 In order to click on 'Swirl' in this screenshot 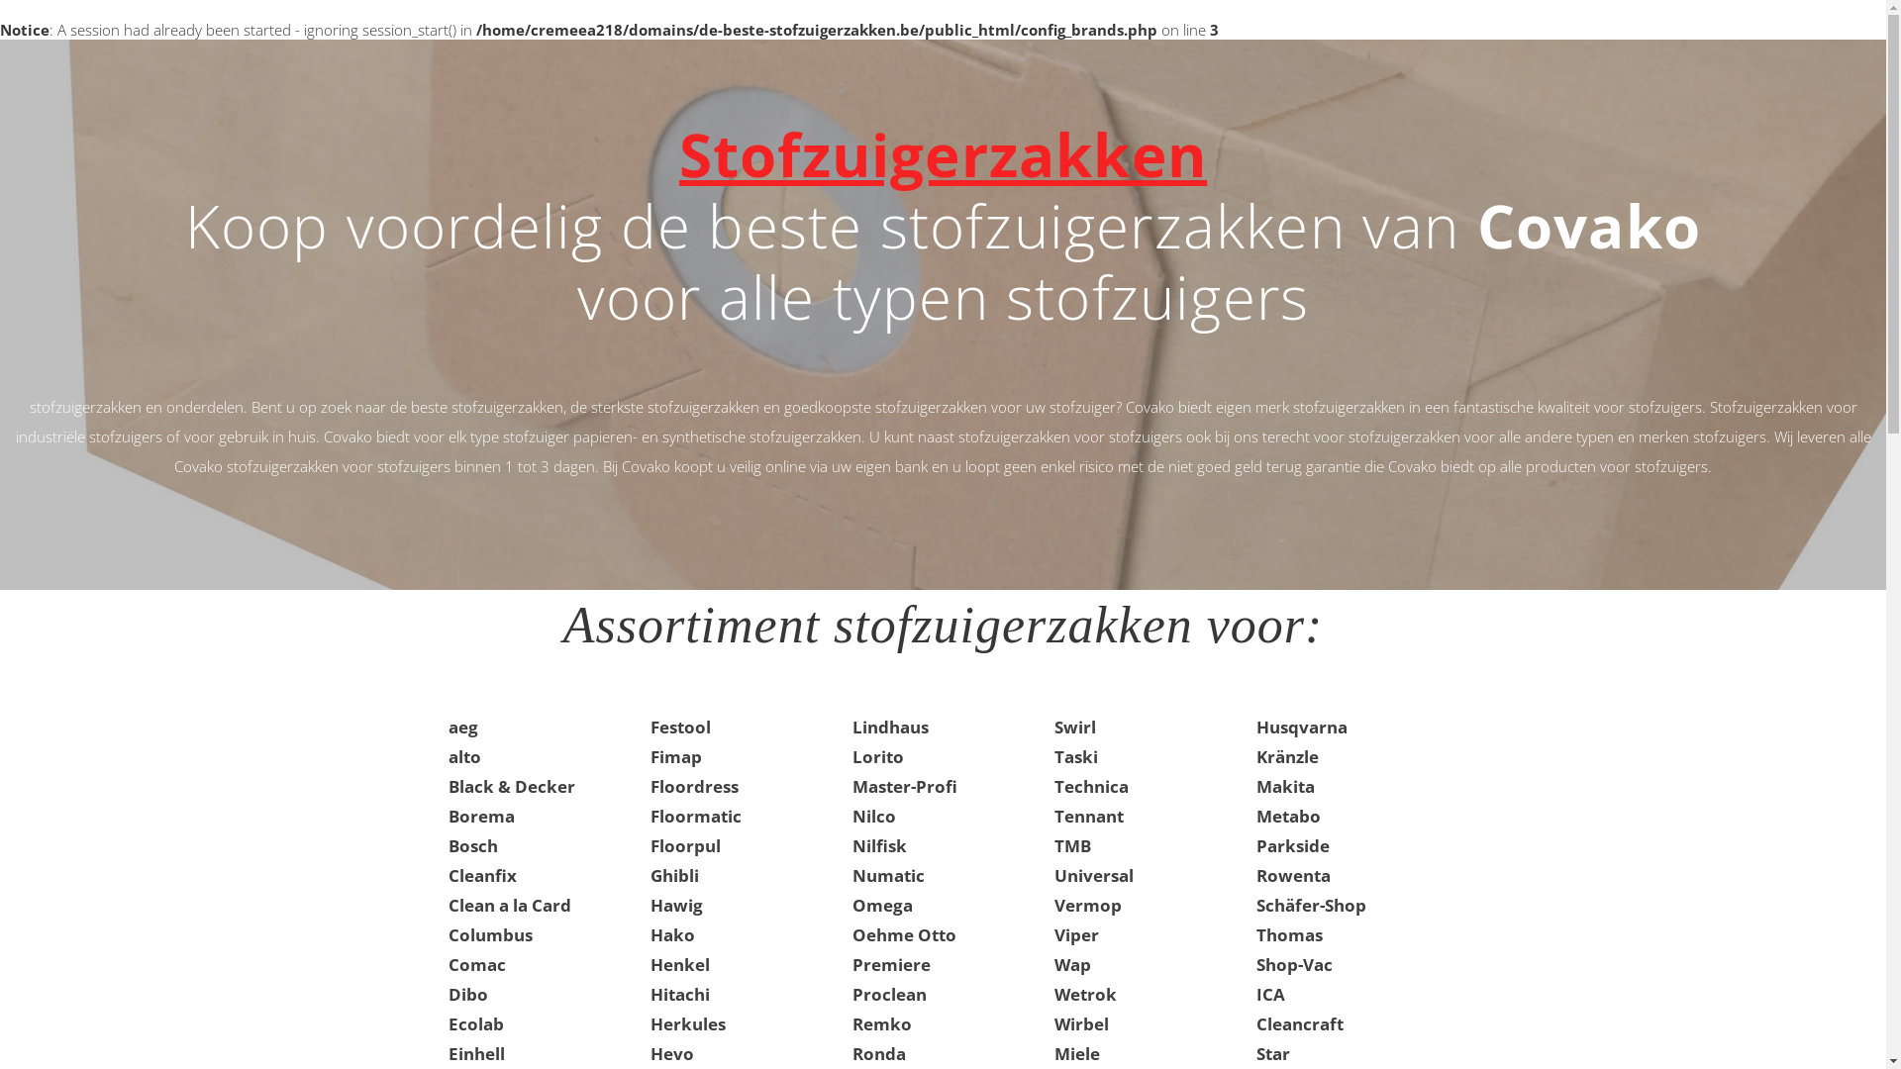, I will do `click(1072, 727)`.